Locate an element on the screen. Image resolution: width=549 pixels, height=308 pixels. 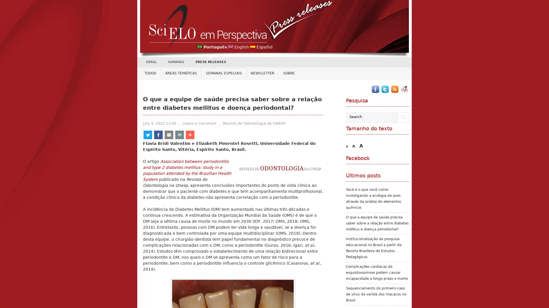
Search is located at coordinates (403, 117).